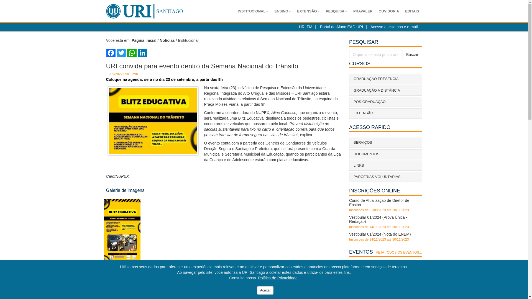 The image size is (532, 299). What do you see at coordinates (142, 53) in the screenshot?
I see `'LinkedIn'` at bounding box center [142, 53].